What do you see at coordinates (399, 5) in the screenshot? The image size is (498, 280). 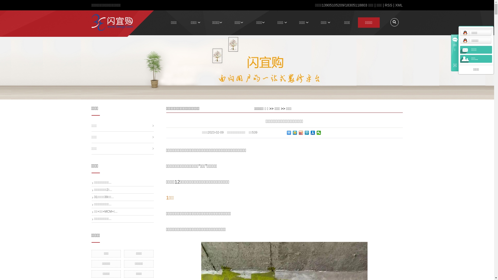 I see `'XML'` at bounding box center [399, 5].